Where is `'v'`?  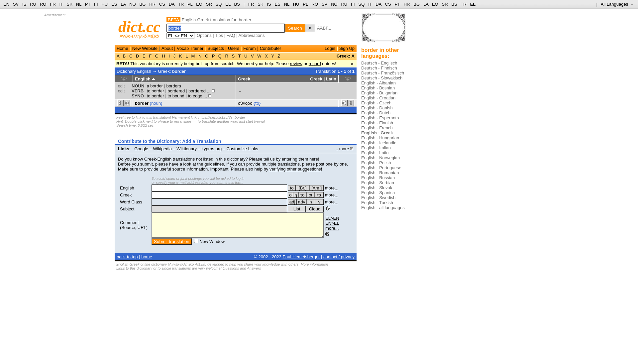 'v' is located at coordinates (319, 201).